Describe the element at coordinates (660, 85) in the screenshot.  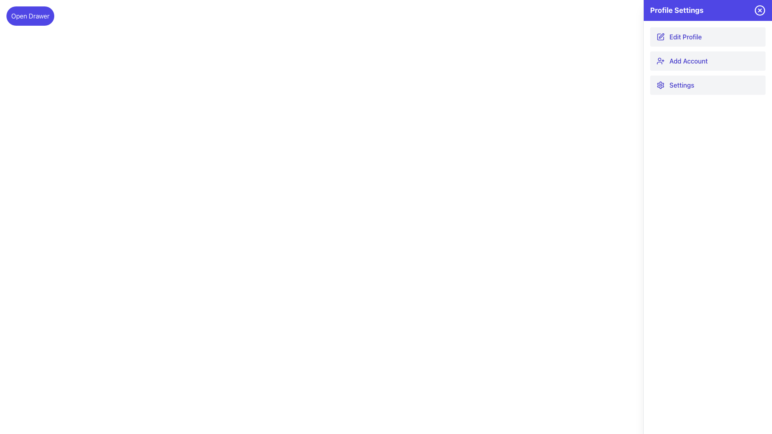
I see `the 'Settings' icon located to the left of the 'Settings' text in the 'Profile Settings' panel` at that location.